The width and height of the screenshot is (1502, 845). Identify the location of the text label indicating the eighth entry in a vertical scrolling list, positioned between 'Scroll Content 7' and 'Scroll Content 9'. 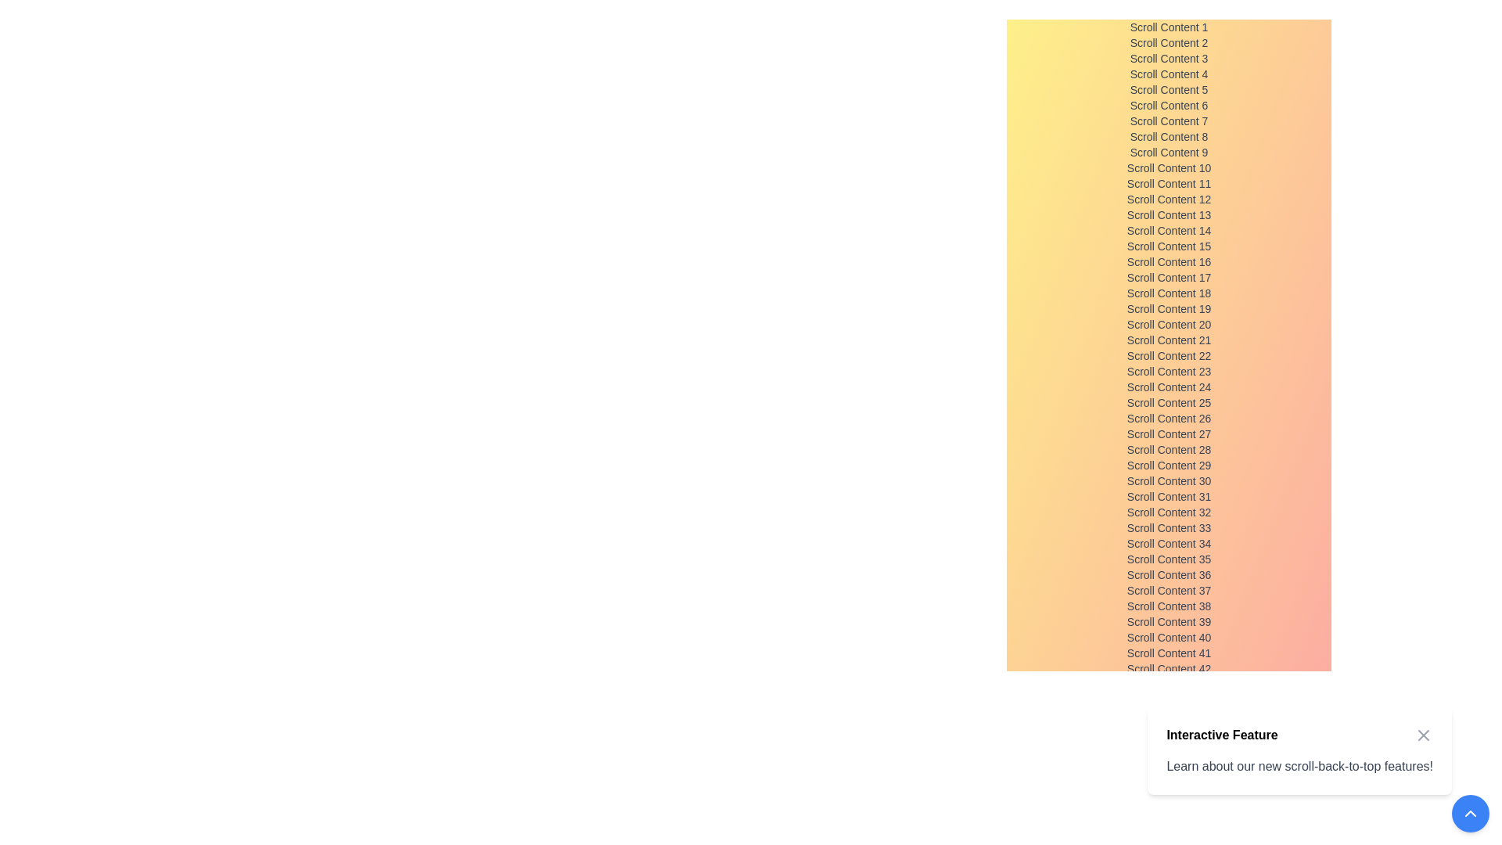
(1169, 135).